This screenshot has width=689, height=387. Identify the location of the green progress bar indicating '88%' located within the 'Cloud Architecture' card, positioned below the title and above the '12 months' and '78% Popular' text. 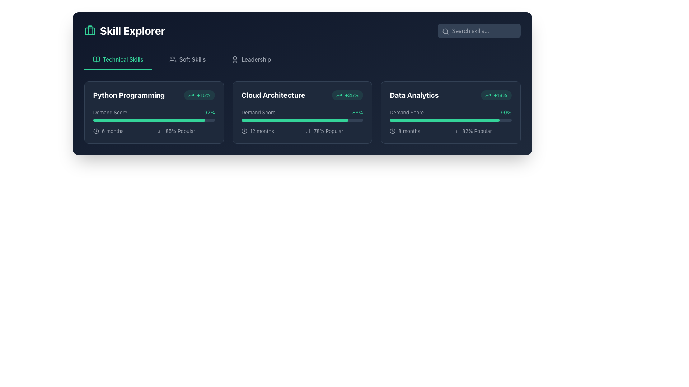
(302, 121).